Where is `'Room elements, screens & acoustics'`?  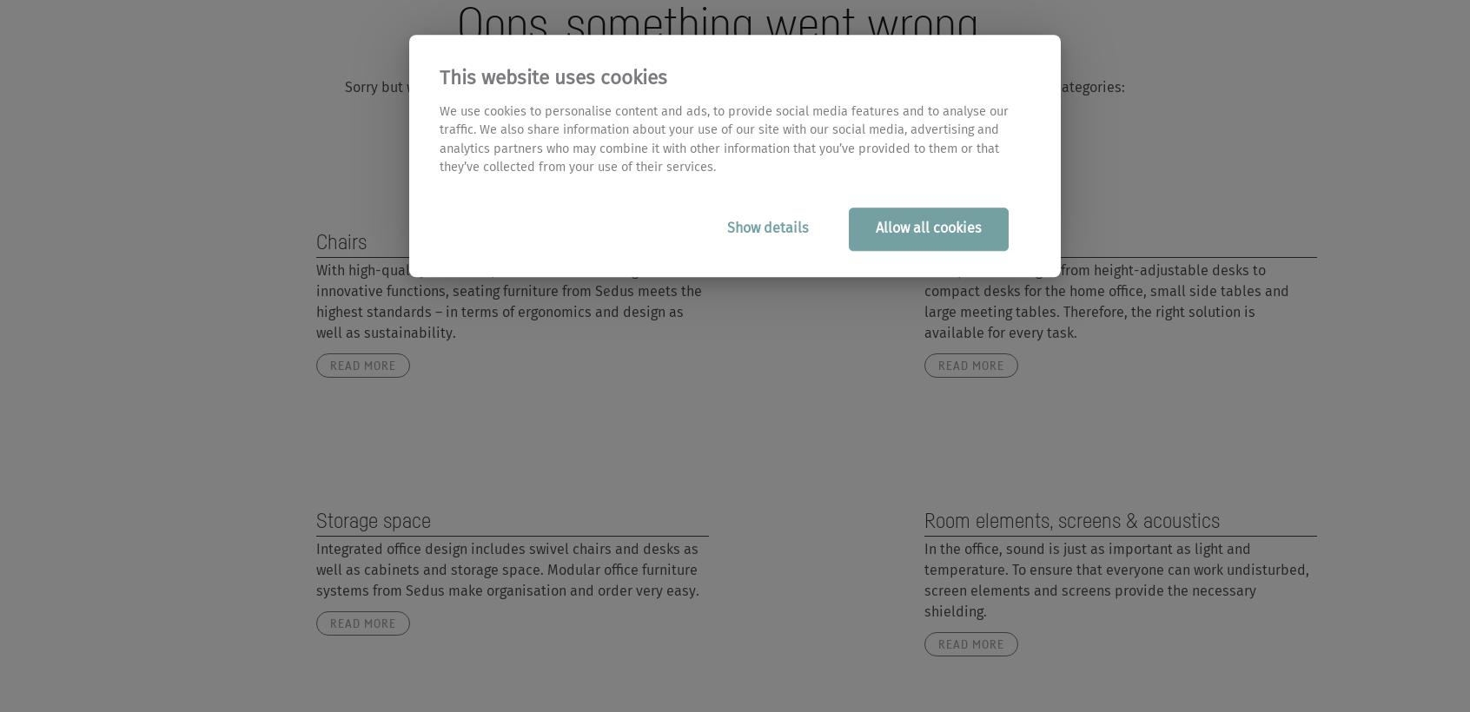
'Room elements, screens & acoustics' is located at coordinates (1070, 519).